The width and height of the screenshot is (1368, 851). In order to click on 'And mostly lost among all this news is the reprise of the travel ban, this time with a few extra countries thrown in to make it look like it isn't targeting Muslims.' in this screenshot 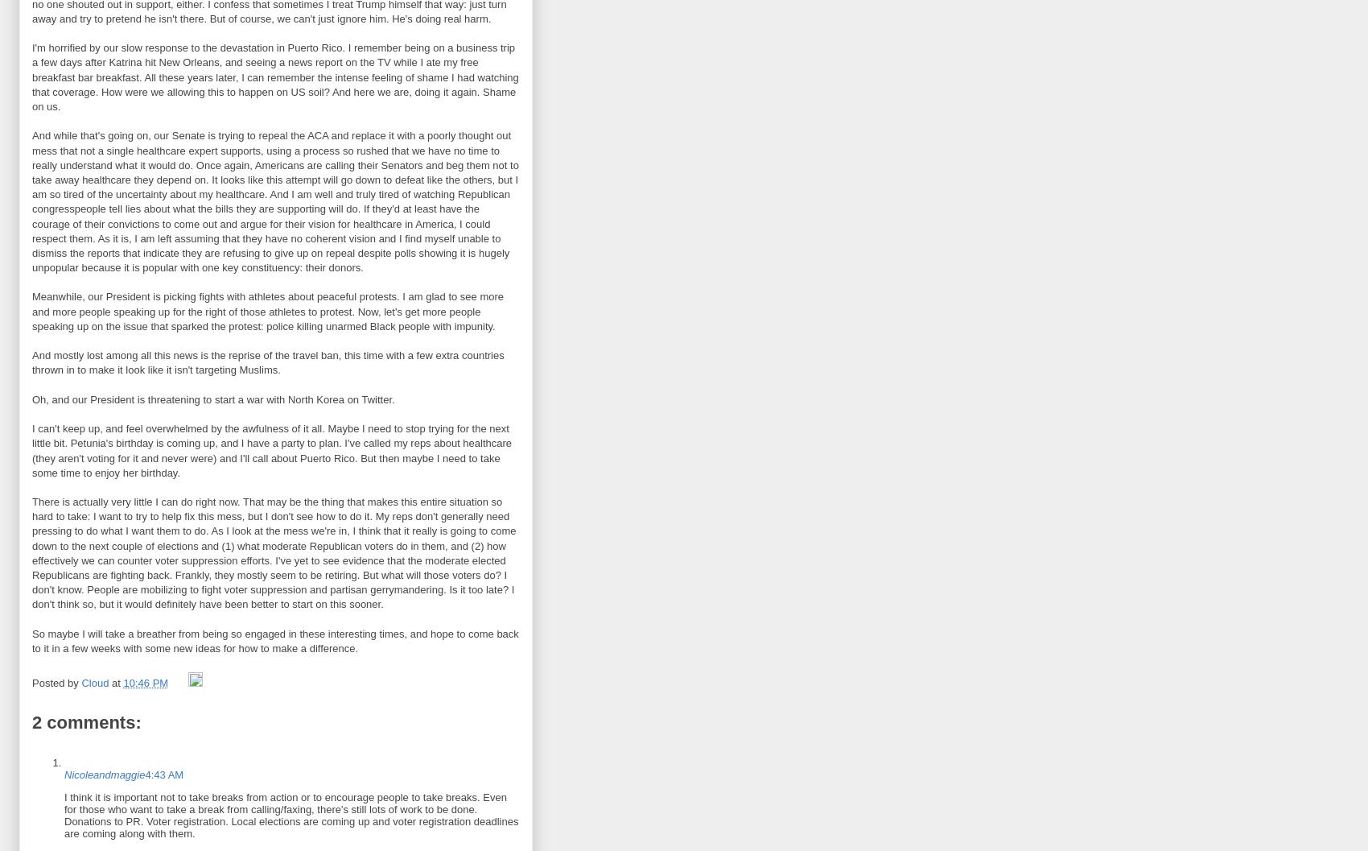, I will do `click(267, 361)`.